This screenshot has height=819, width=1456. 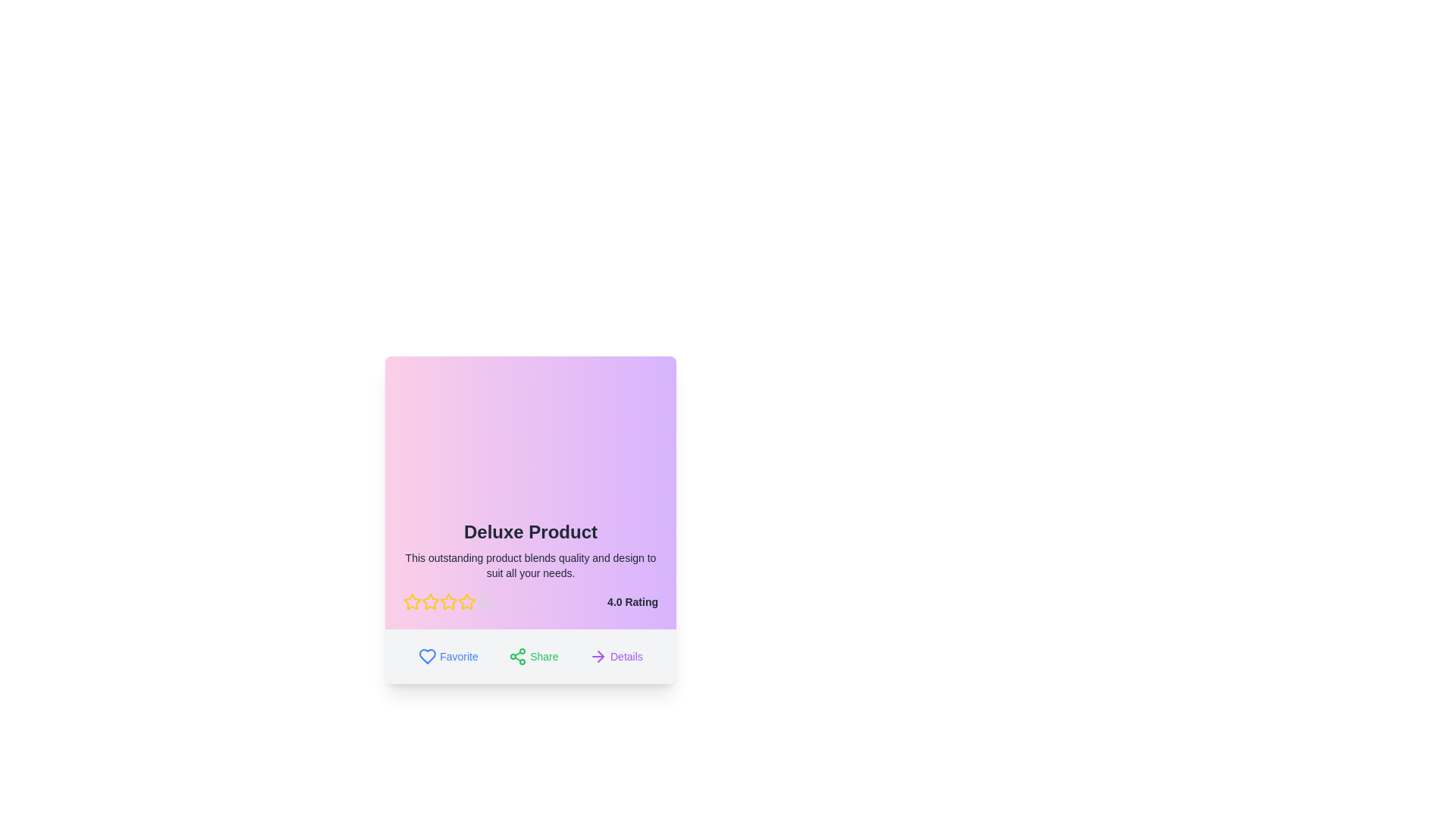 I want to click on the second star rating icon, so click(x=447, y=601).